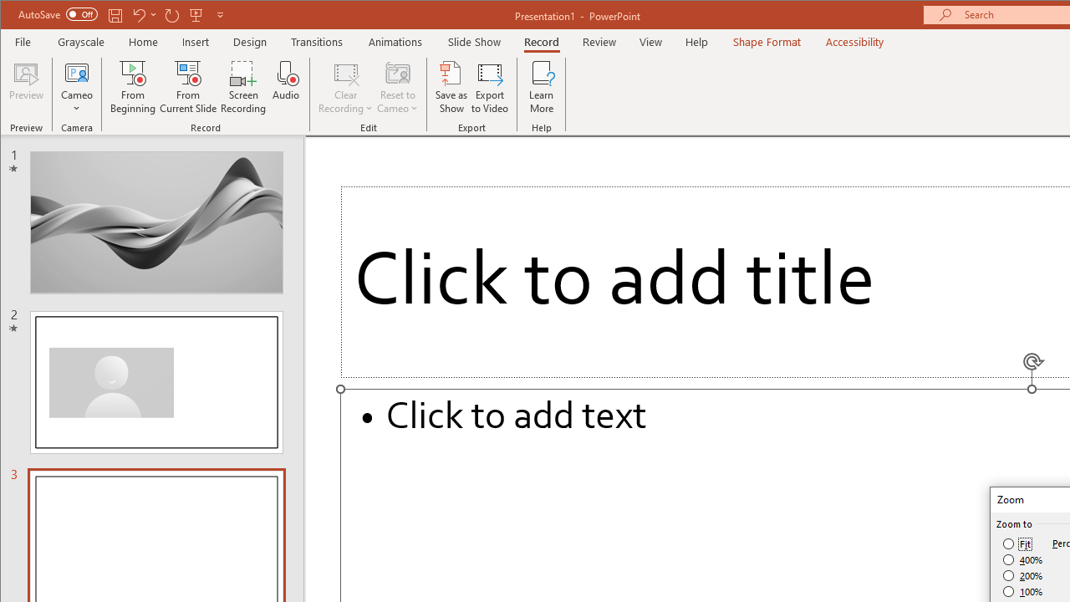 This screenshot has height=602, width=1070. What do you see at coordinates (345, 87) in the screenshot?
I see `'Clear Recording'` at bounding box center [345, 87].